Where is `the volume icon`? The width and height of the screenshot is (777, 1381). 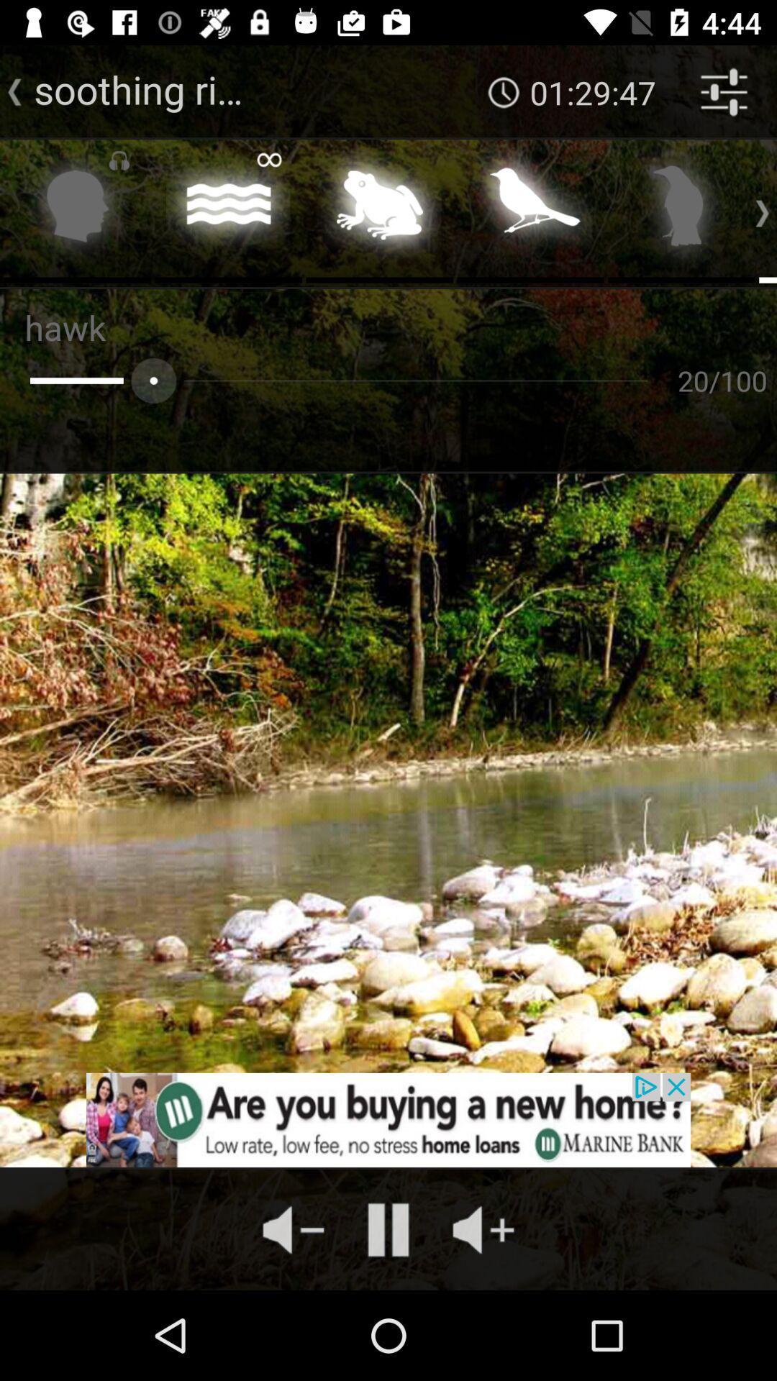
the volume icon is located at coordinates (293, 1229).